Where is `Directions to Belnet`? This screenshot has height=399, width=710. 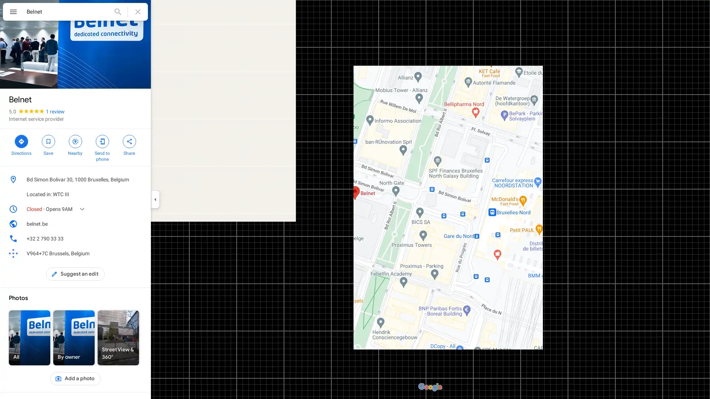
Directions to Belnet is located at coordinates (21, 144).